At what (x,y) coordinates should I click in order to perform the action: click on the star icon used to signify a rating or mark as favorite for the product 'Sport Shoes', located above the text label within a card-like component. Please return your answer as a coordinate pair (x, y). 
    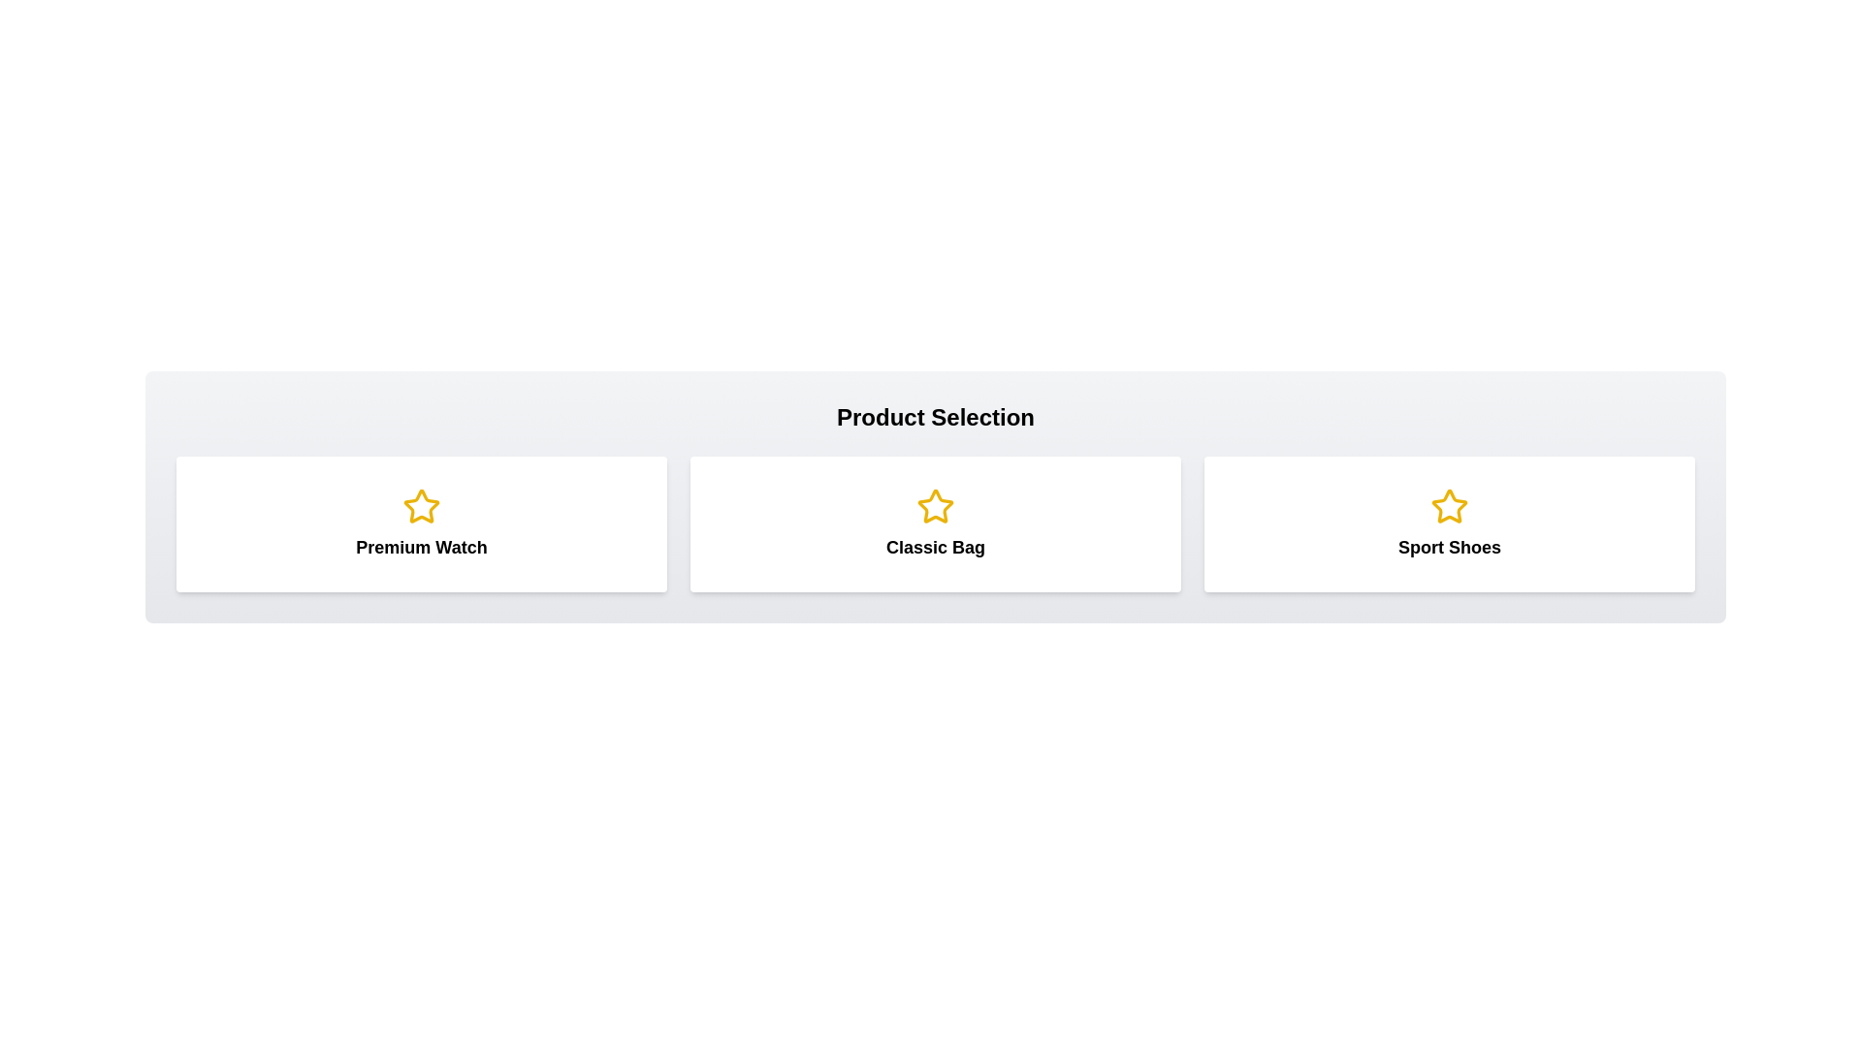
    Looking at the image, I should click on (1449, 506).